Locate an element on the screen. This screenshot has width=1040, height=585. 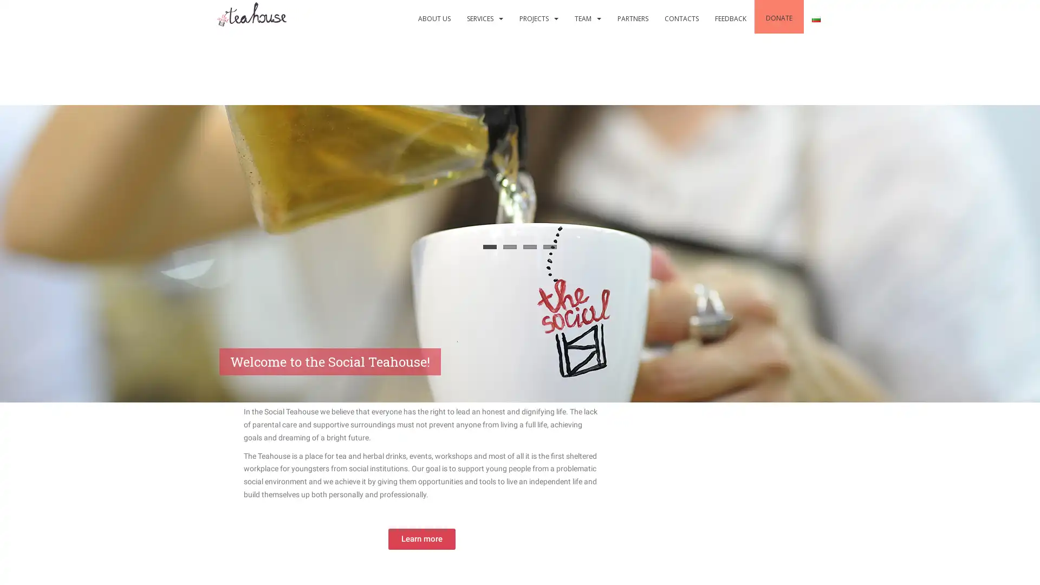
Would you like to support our cause? is located at coordinates (703, 495).